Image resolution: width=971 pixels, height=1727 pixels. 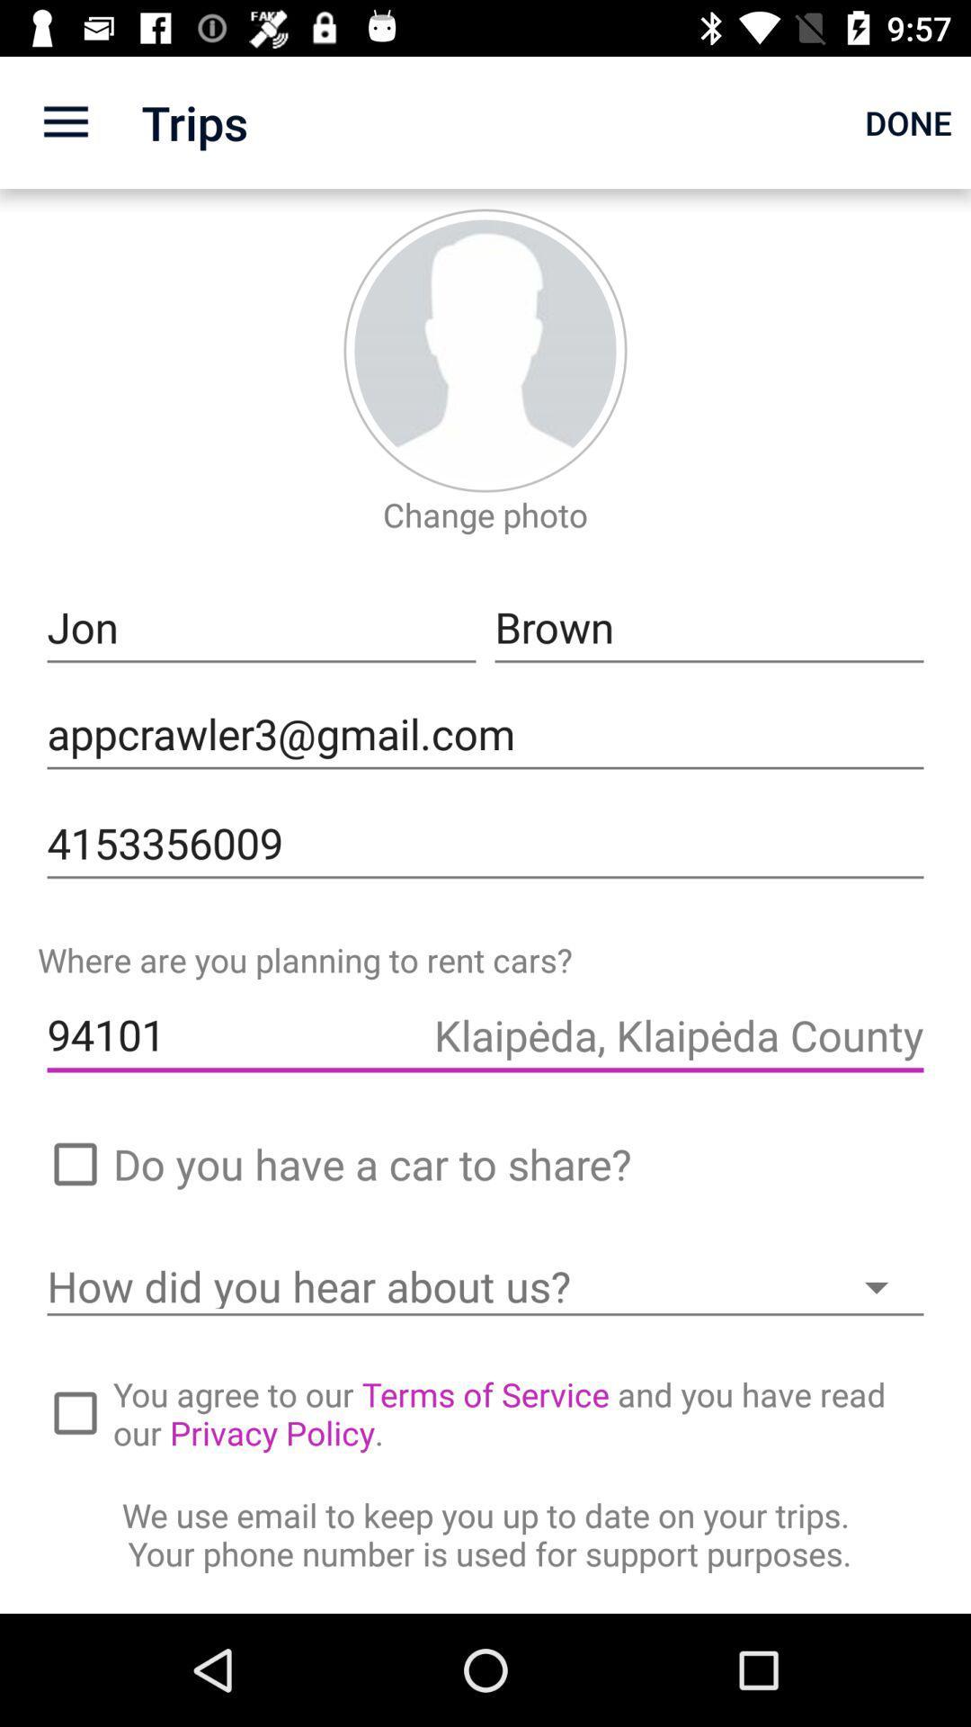 What do you see at coordinates (908, 121) in the screenshot?
I see `the done item` at bounding box center [908, 121].